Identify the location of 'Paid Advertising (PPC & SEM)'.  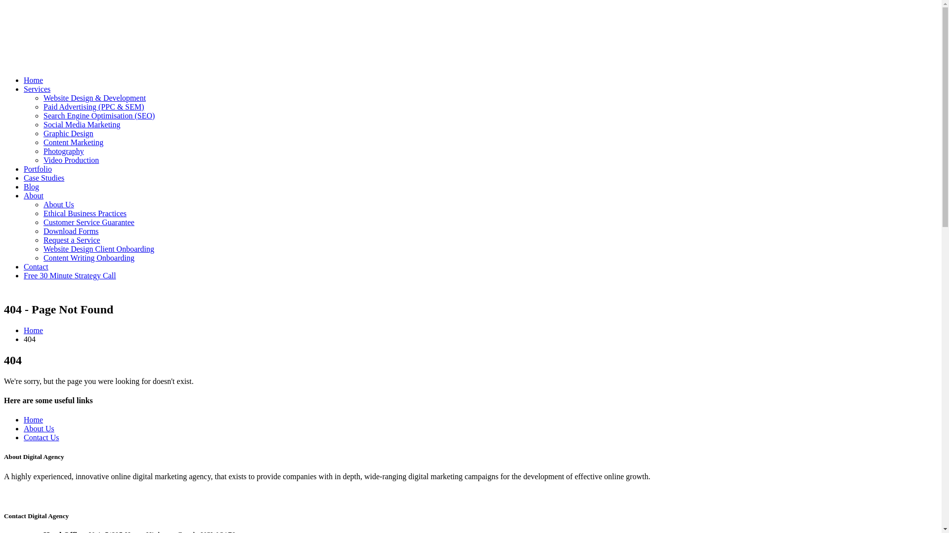
(94, 107).